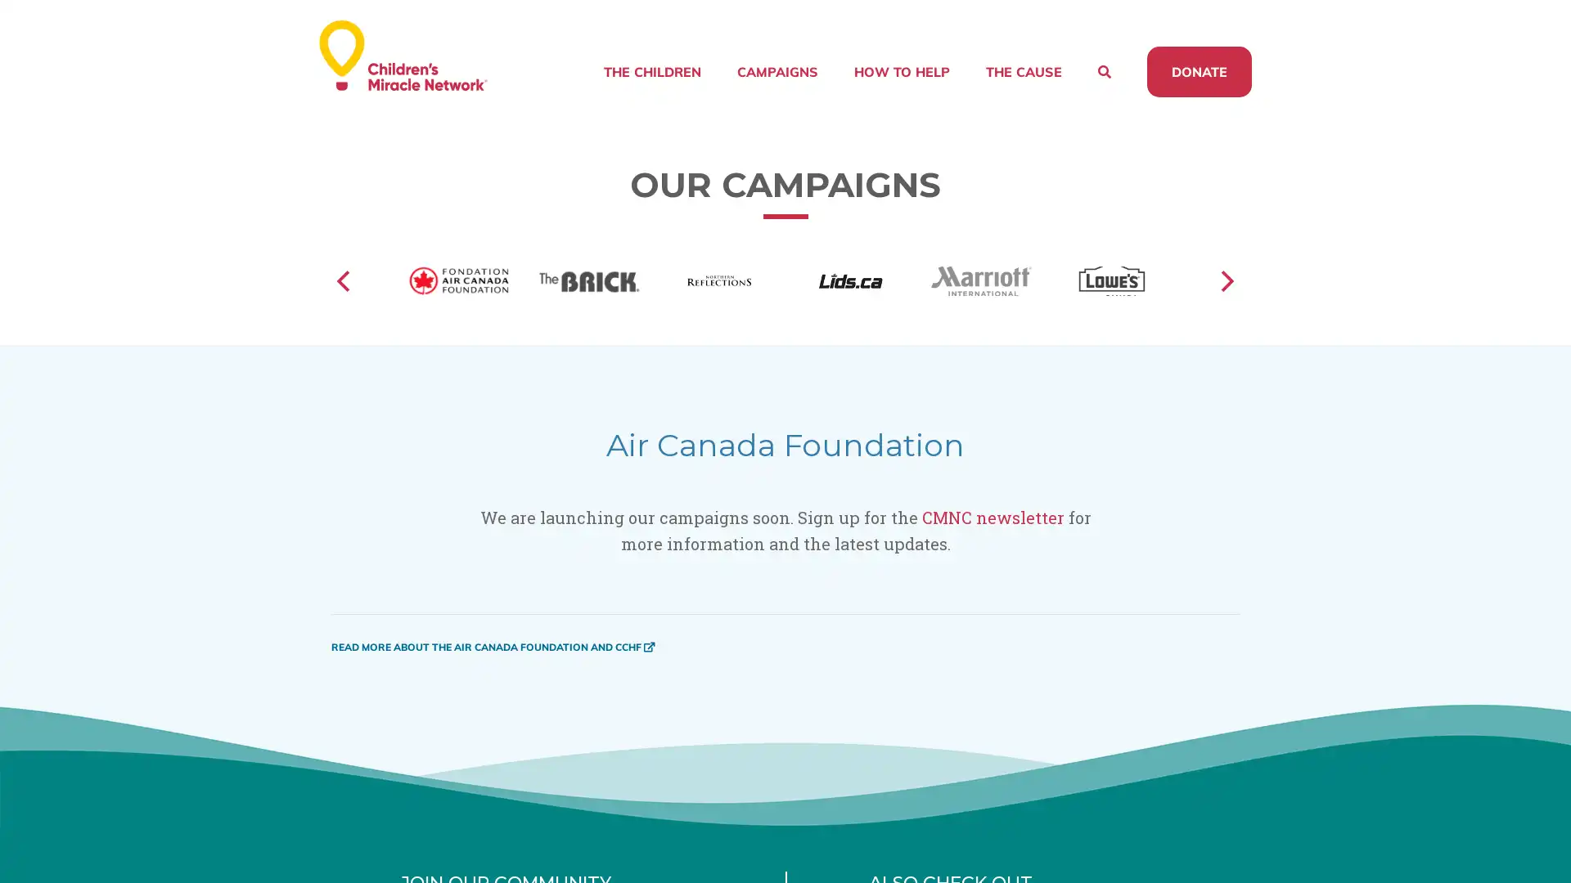 Image resolution: width=1571 pixels, height=883 pixels. What do you see at coordinates (1225, 302) in the screenshot?
I see `Next` at bounding box center [1225, 302].